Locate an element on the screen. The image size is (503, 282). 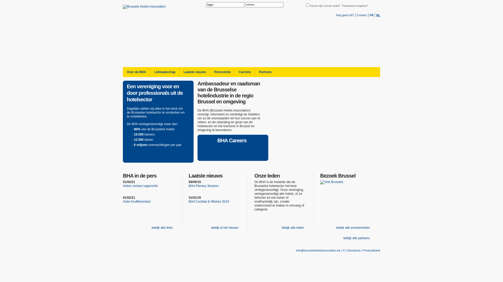
'BHA Cocktail & Wishes 2019' is located at coordinates (208, 201).